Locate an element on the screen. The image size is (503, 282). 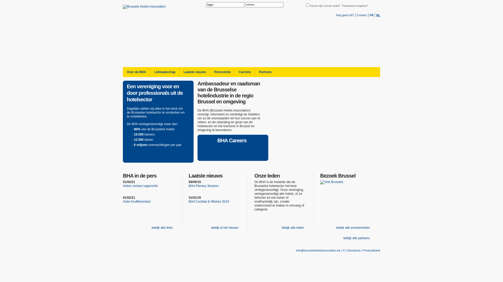
'BHA Cocktail & Wishes 2019' is located at coordinates (208, 201).